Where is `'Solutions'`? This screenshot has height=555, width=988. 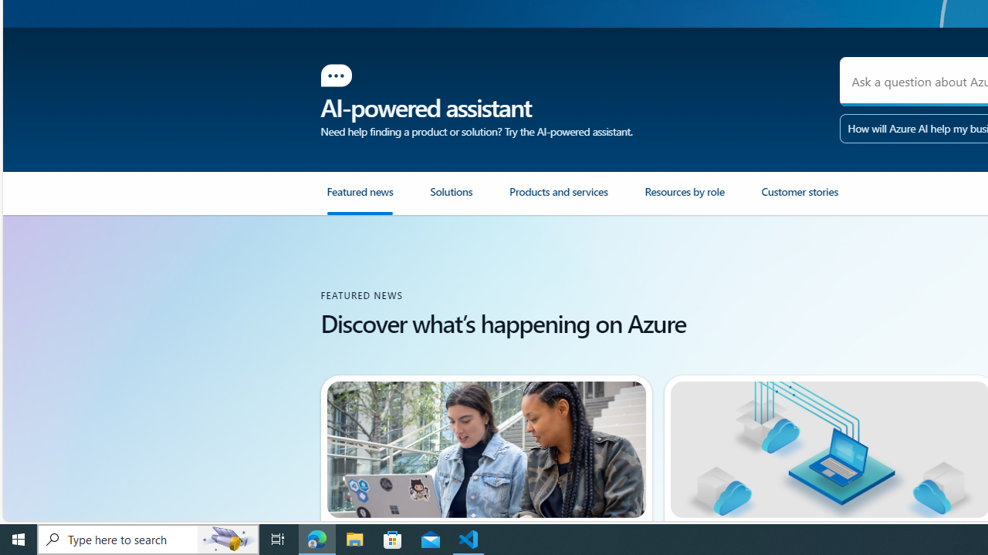 'Solutions' is located at coordinates (450, 197).